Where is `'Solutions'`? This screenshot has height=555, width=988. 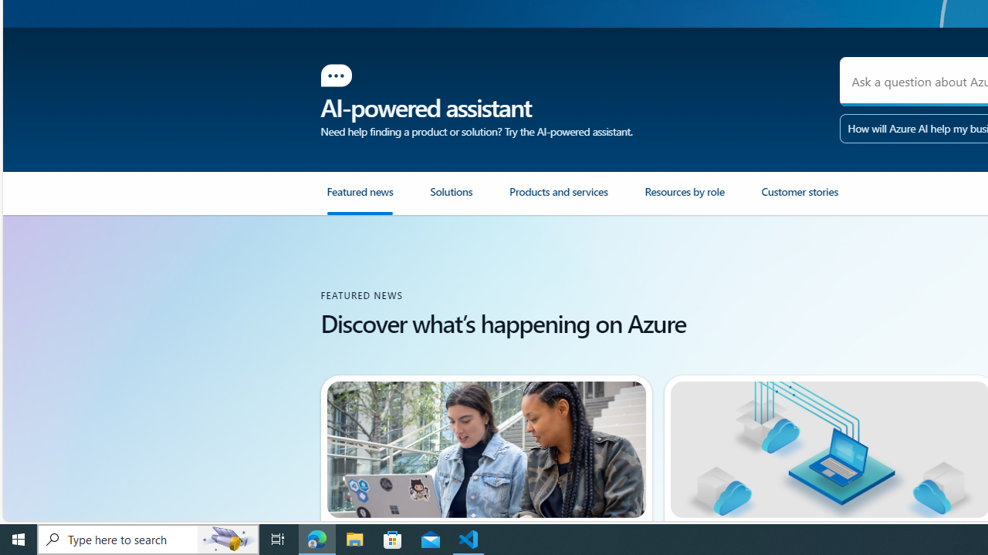 'Solutions' is located at coordinates (450, 197).